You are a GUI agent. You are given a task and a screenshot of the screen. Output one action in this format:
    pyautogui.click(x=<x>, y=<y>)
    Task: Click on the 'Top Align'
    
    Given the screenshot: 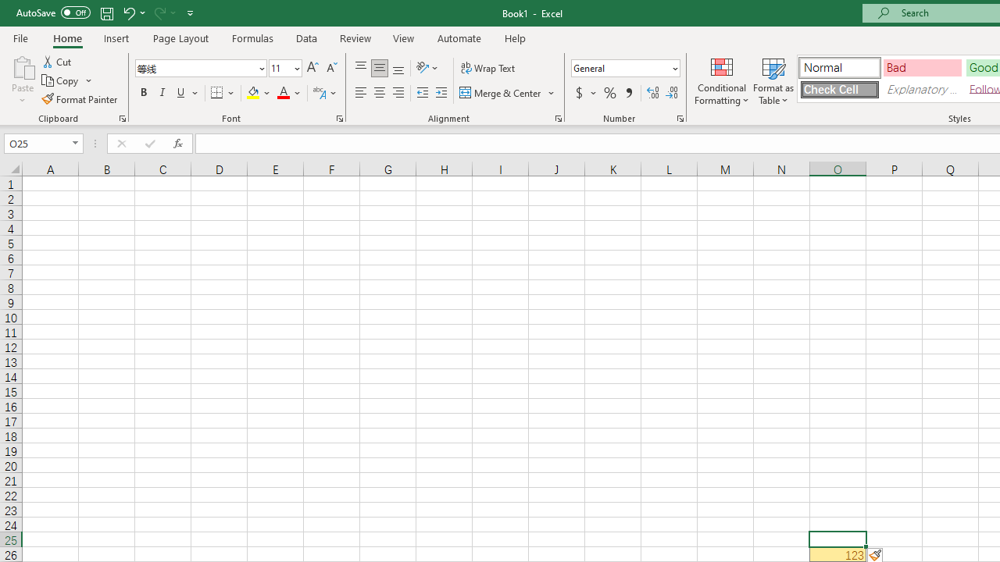 What is the action you would take?
    pyautogui.click(x=360, y=67)
    